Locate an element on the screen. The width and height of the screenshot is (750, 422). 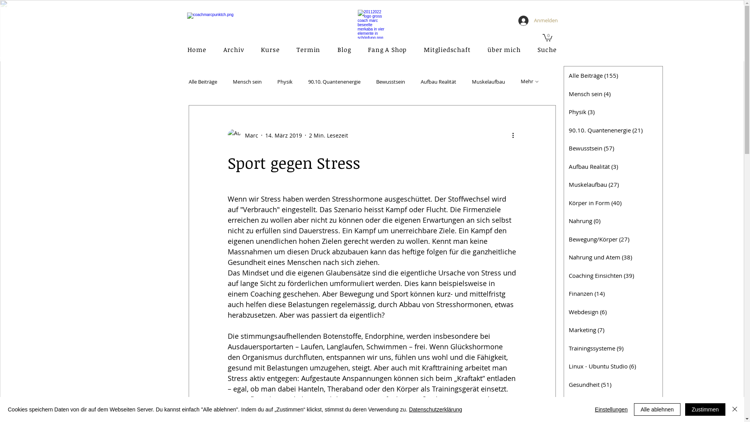
'Nahrung und Atem (38)' is located at coordinates (612, 257).